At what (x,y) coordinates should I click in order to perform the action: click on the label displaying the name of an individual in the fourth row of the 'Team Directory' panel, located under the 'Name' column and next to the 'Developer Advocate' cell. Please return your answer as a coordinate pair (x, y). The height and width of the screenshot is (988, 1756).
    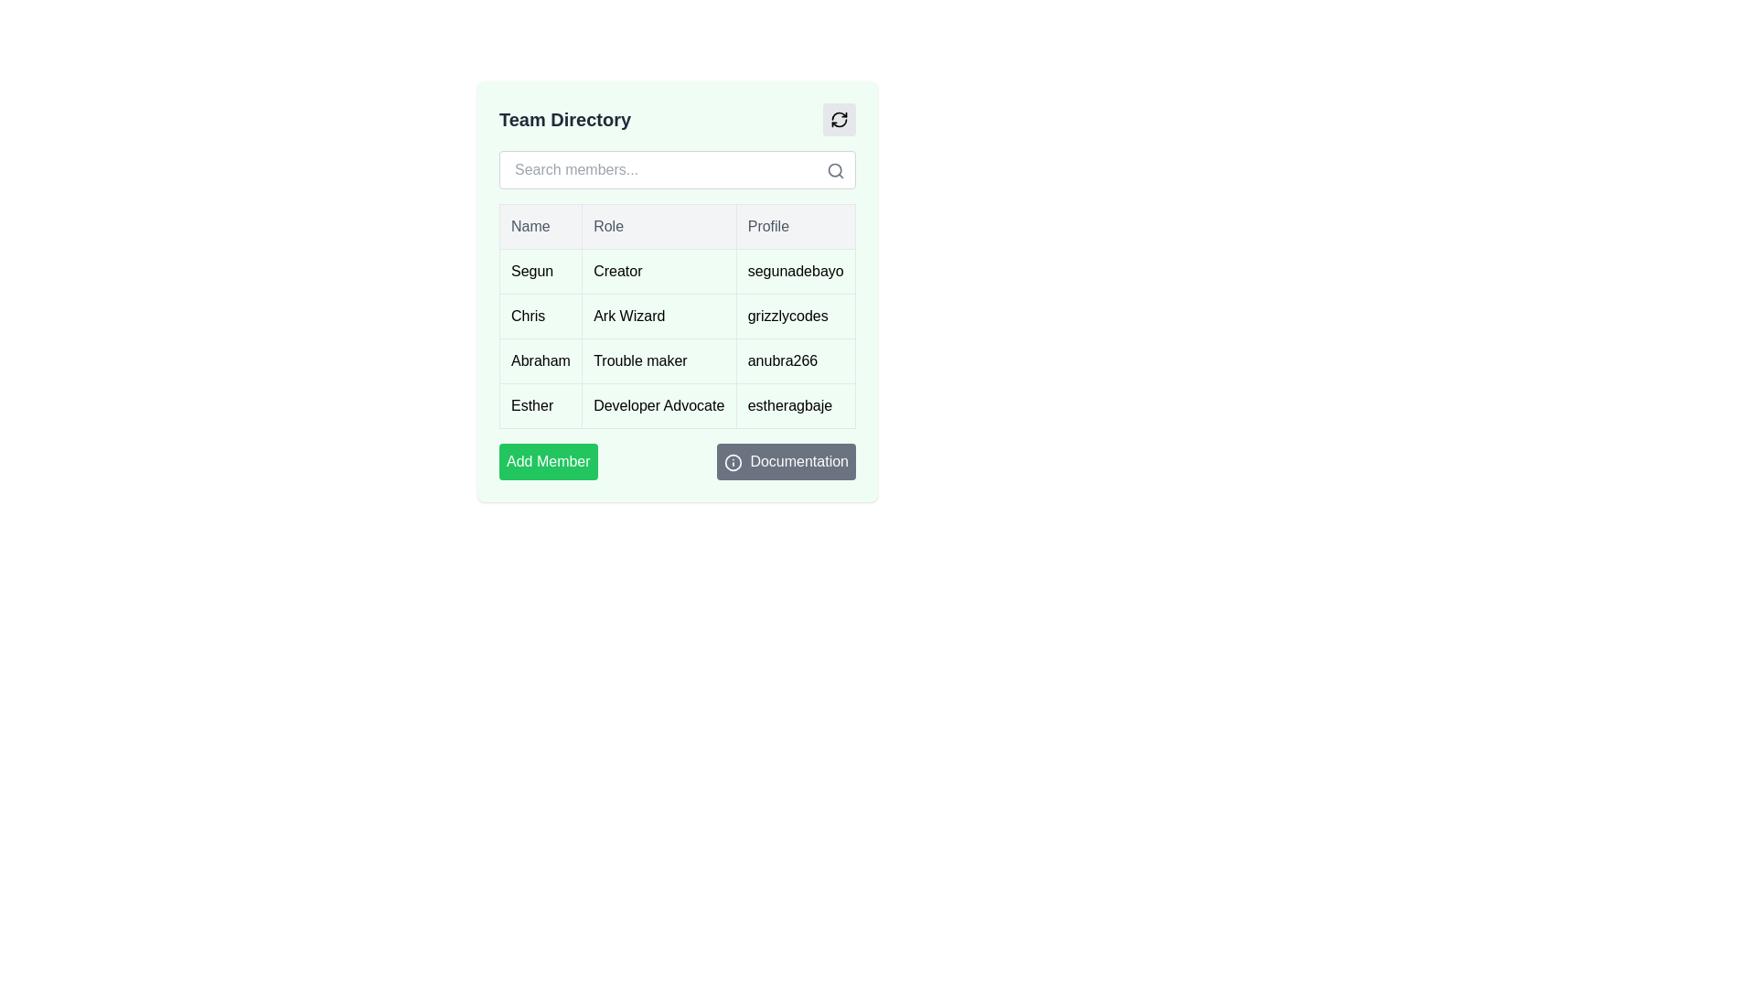
    Looking at the image, I should click on (540, 404).